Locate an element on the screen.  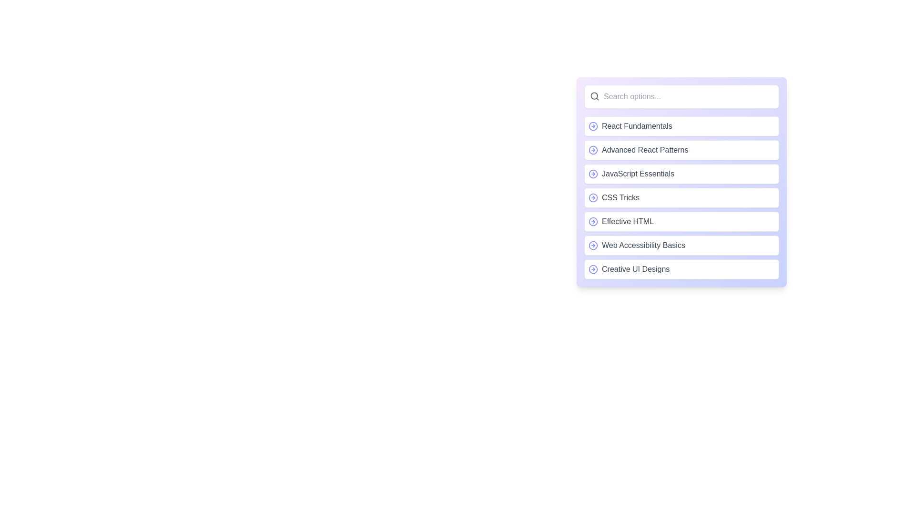
the hollow circular SVG element associated with the 'JavaScript Essentials' text, which is the fifth item in the vertical menu list is located at coordinates (592, 174).